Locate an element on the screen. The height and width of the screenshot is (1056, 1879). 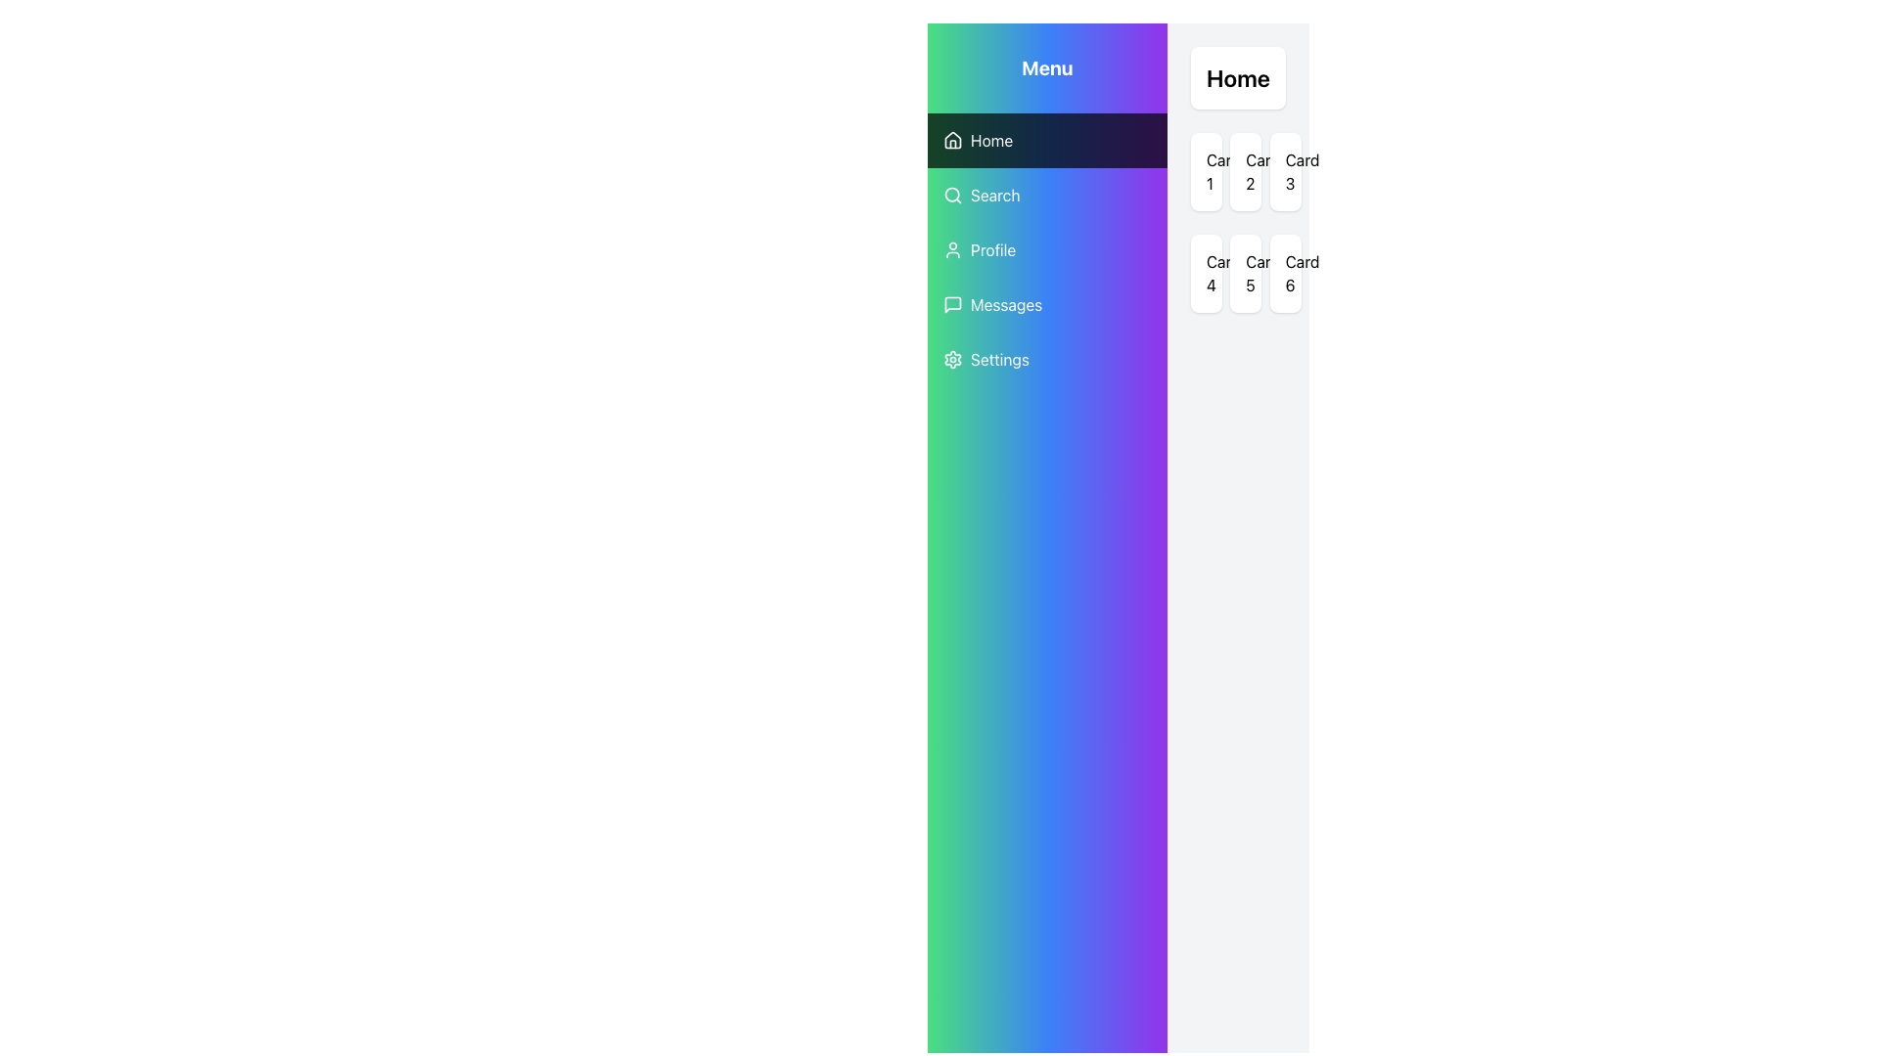
the user profile icon located in the vertical sidebar under the 'Menu' heading is located at coordinates (953, 248).